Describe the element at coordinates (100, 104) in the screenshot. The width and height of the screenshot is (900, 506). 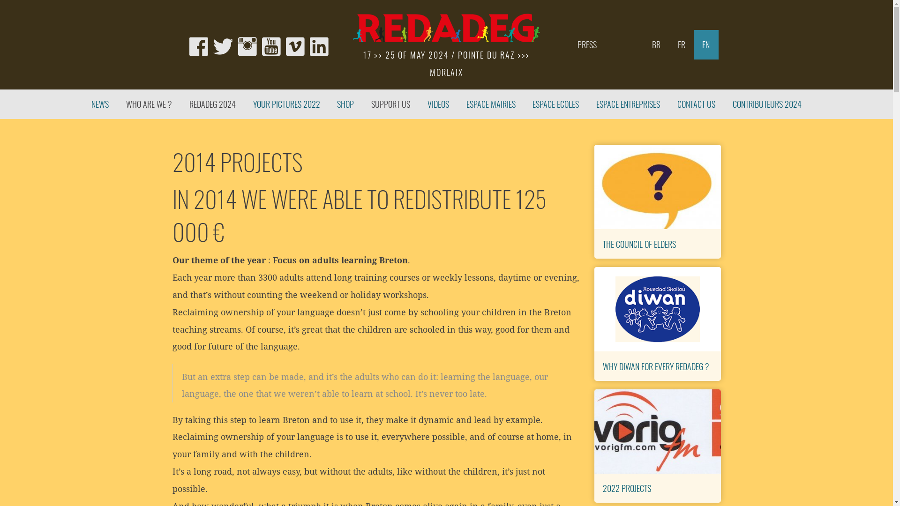
I see `'NEWS'` at that location.